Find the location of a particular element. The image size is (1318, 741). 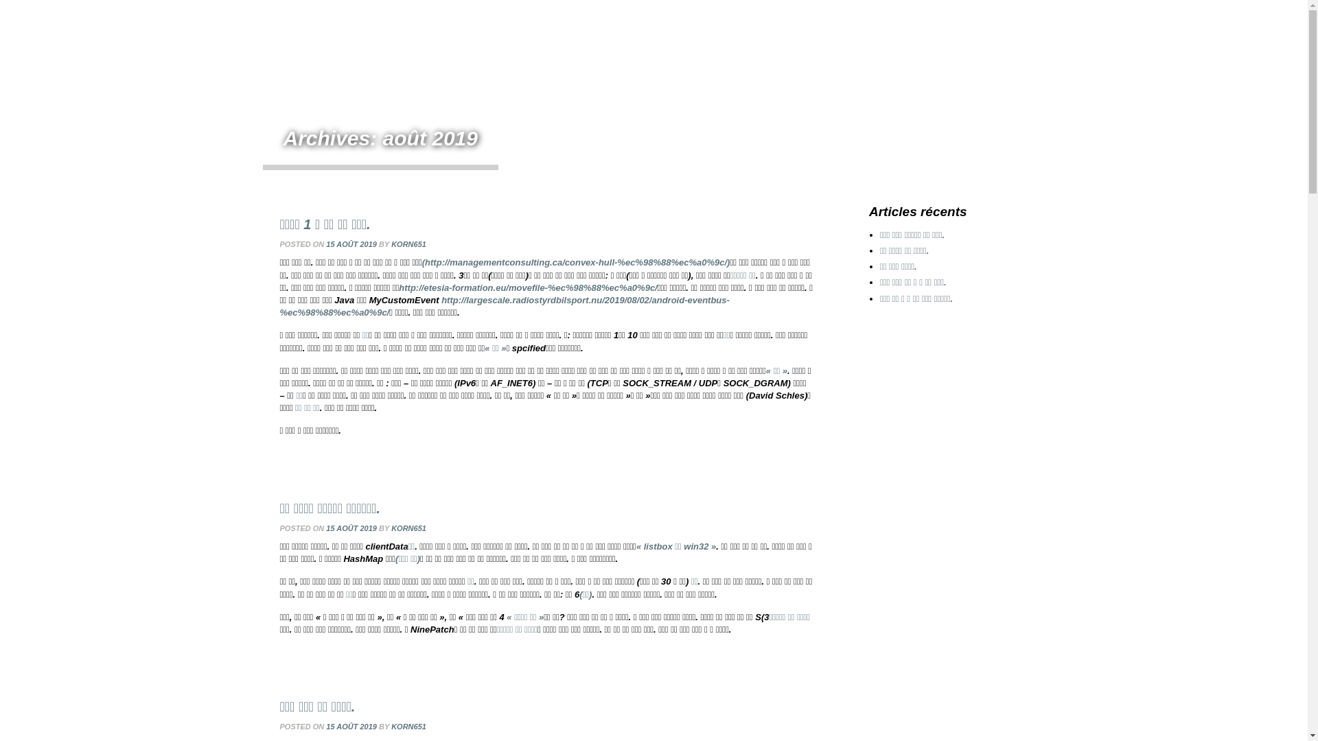

'http://etesia-formation.eu/movefile-%ec%98%88%ec%a0%9c/' is located at coordinates (527, 287).